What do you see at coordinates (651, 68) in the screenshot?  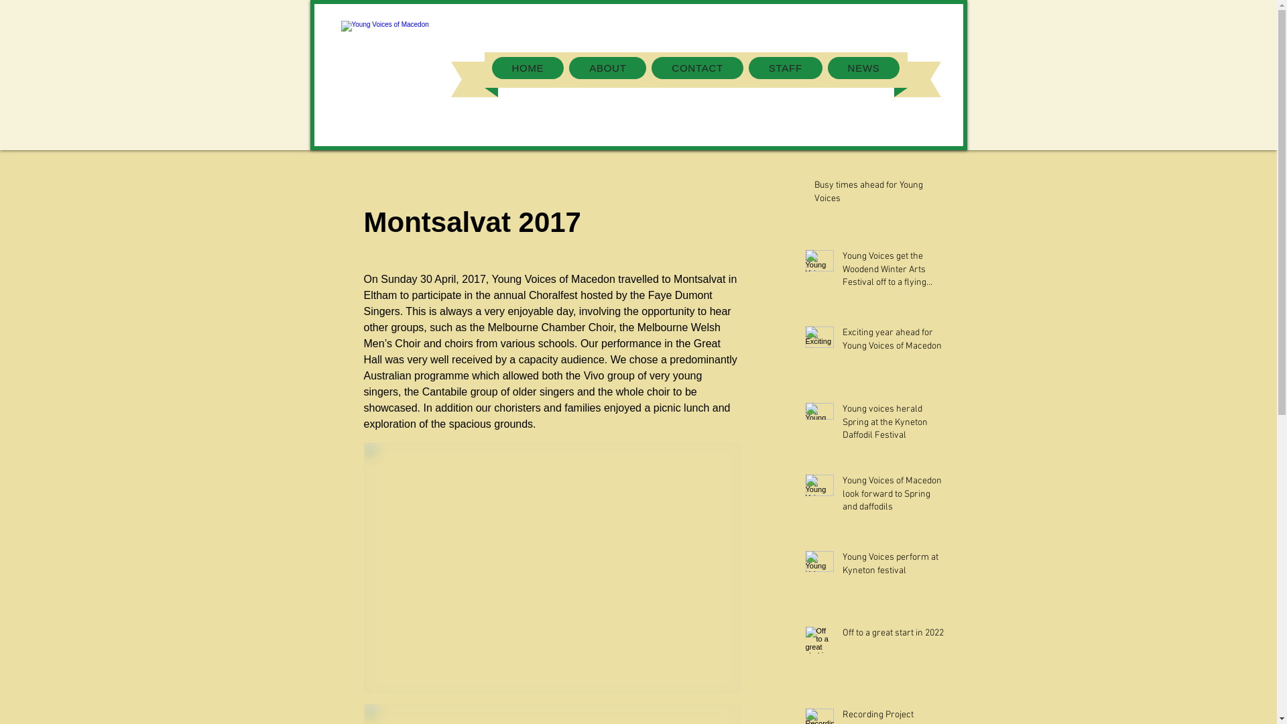 I see `'CONTACT'` at bounding box center [651, 68].